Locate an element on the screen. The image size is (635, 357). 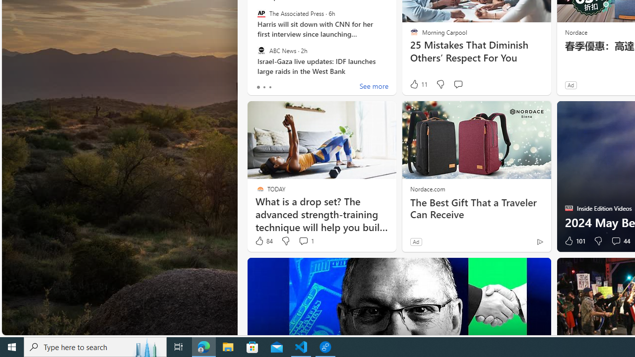
'View comments 44 Comment' is located at coordinates (615, 241).